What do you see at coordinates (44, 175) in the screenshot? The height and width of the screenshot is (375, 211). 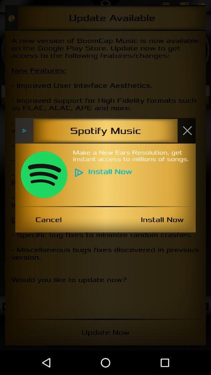 I see `item to the left of the make a new icon` at bounding box center [44, 175].